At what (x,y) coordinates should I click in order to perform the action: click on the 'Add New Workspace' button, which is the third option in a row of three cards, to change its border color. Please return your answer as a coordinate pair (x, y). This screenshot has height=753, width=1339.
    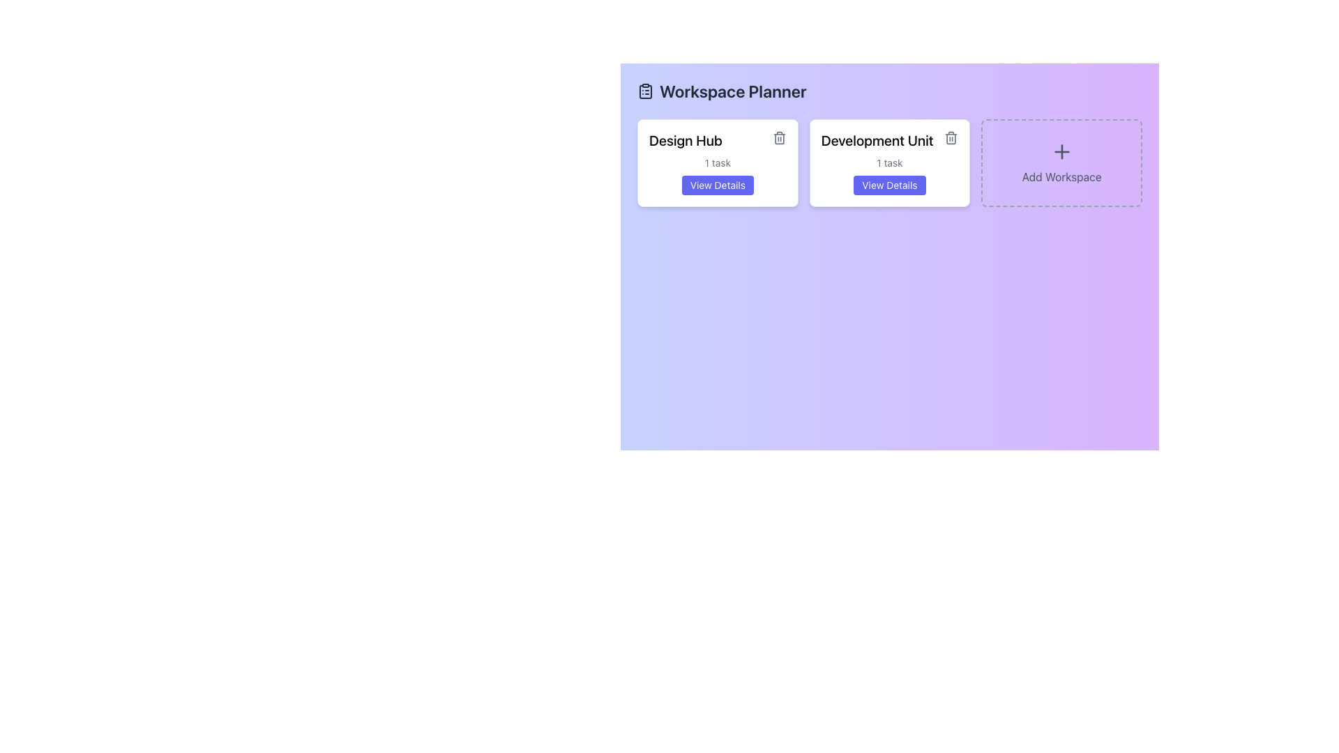
    Looking at the image, I should click on (1061, 162).